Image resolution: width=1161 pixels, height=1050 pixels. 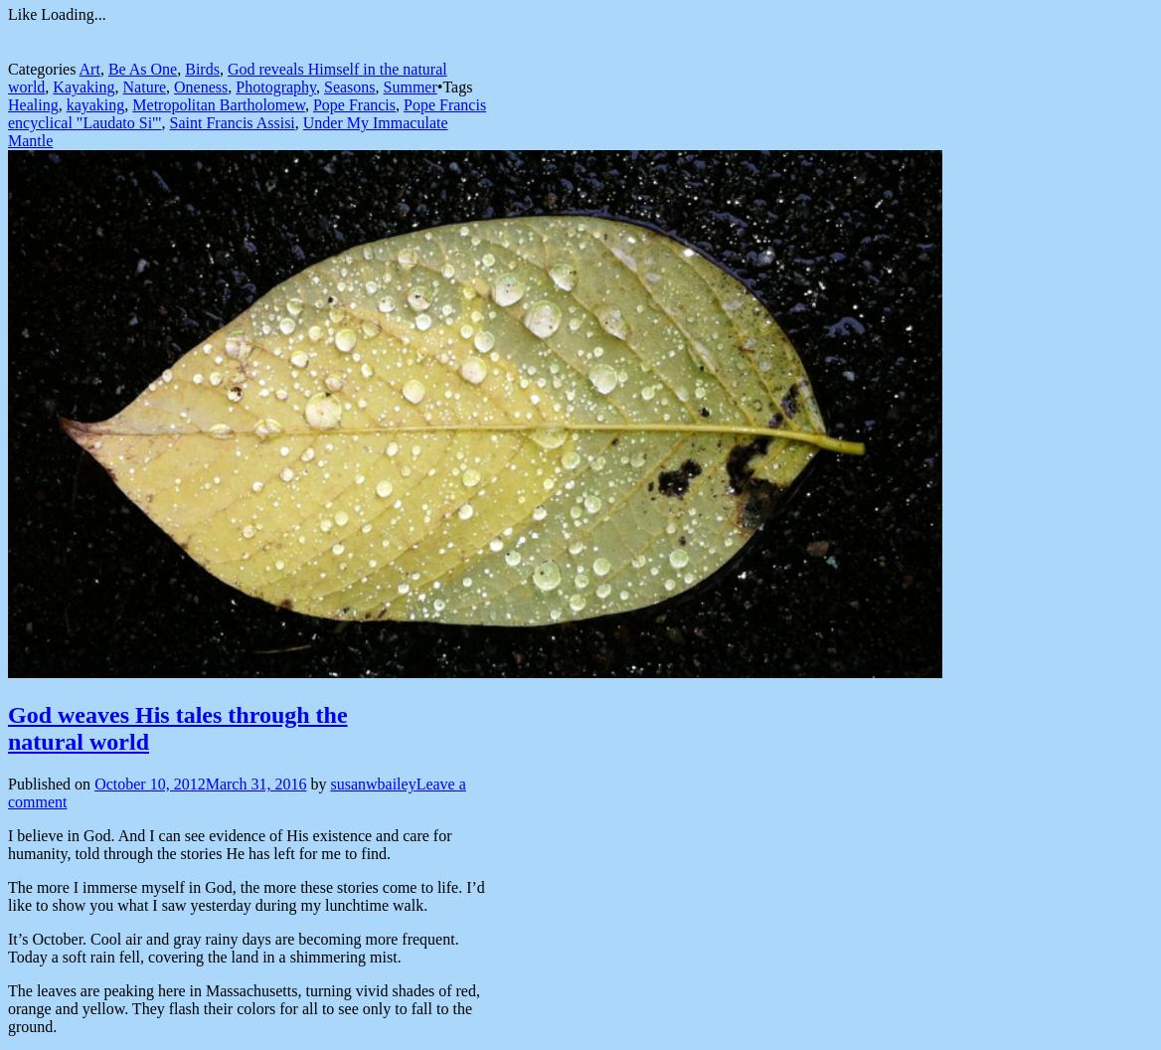 What do you see at coordinates (22, 14) in the screenshot?
I see `'Like'` at bounding box center [22, 14].